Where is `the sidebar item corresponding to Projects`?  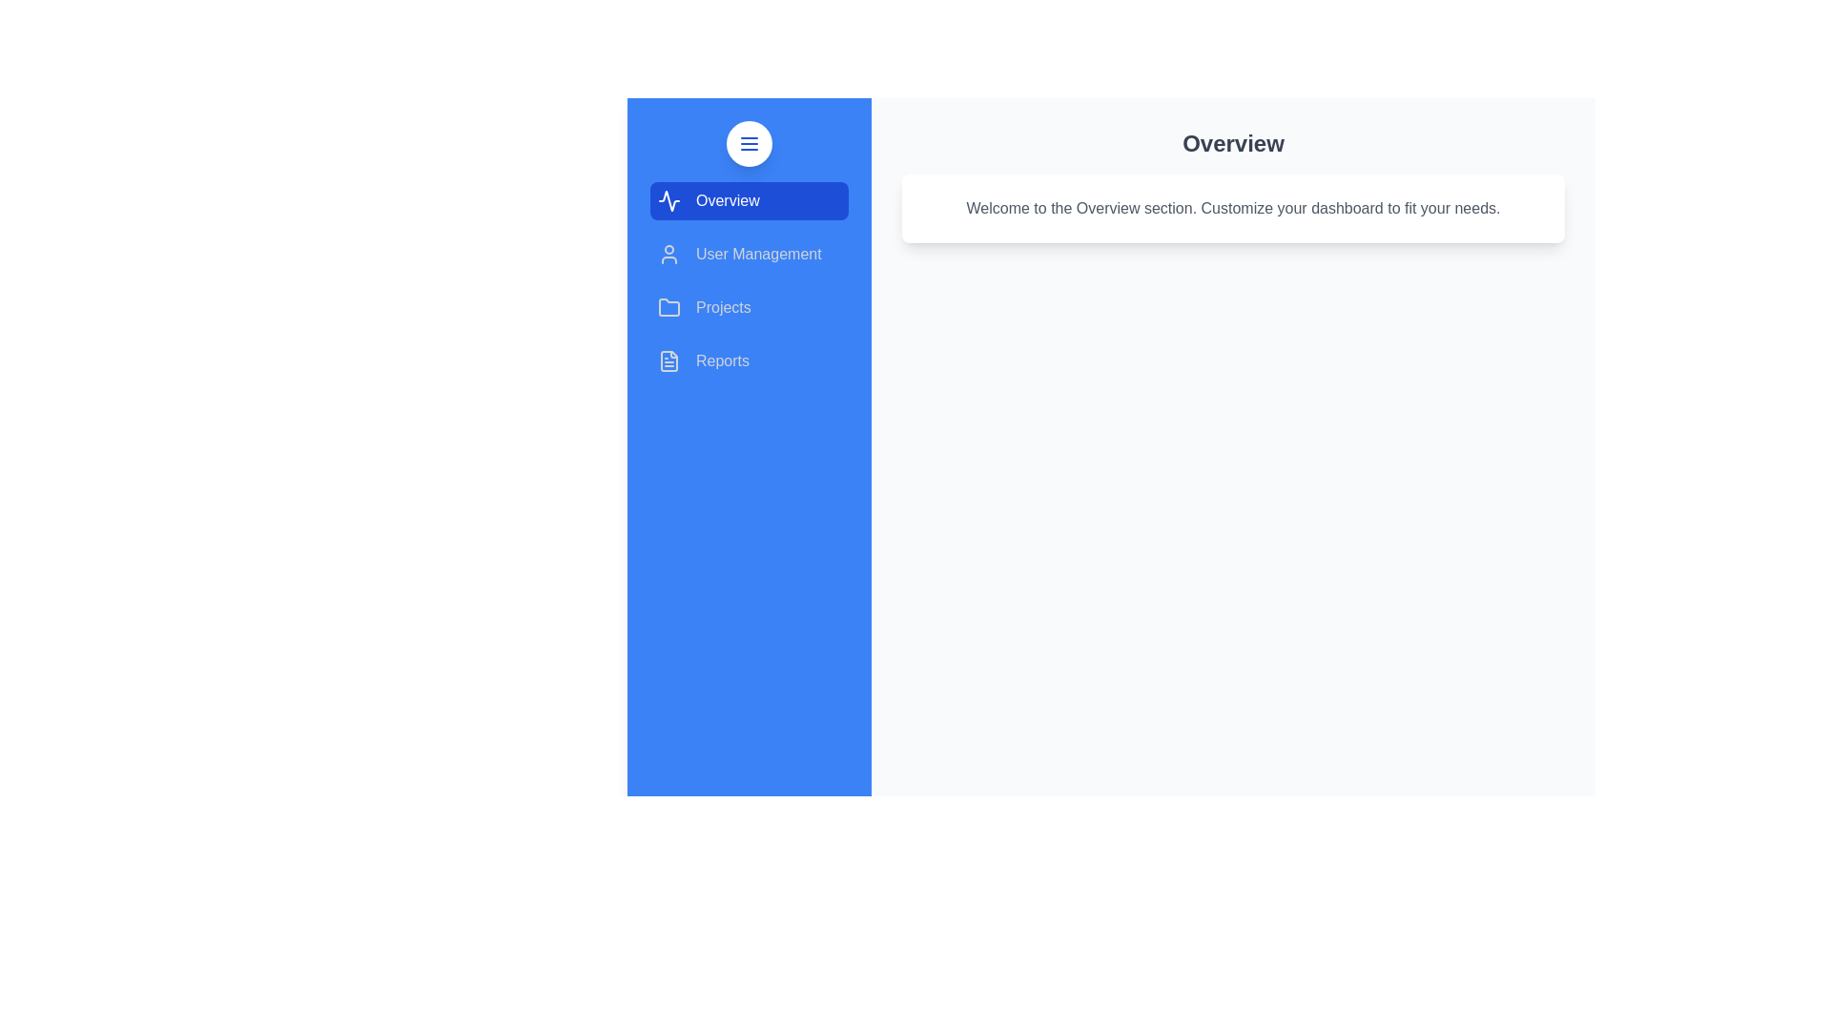 the sidebar item corresponding to Projects is located at coordinates (749, 307).